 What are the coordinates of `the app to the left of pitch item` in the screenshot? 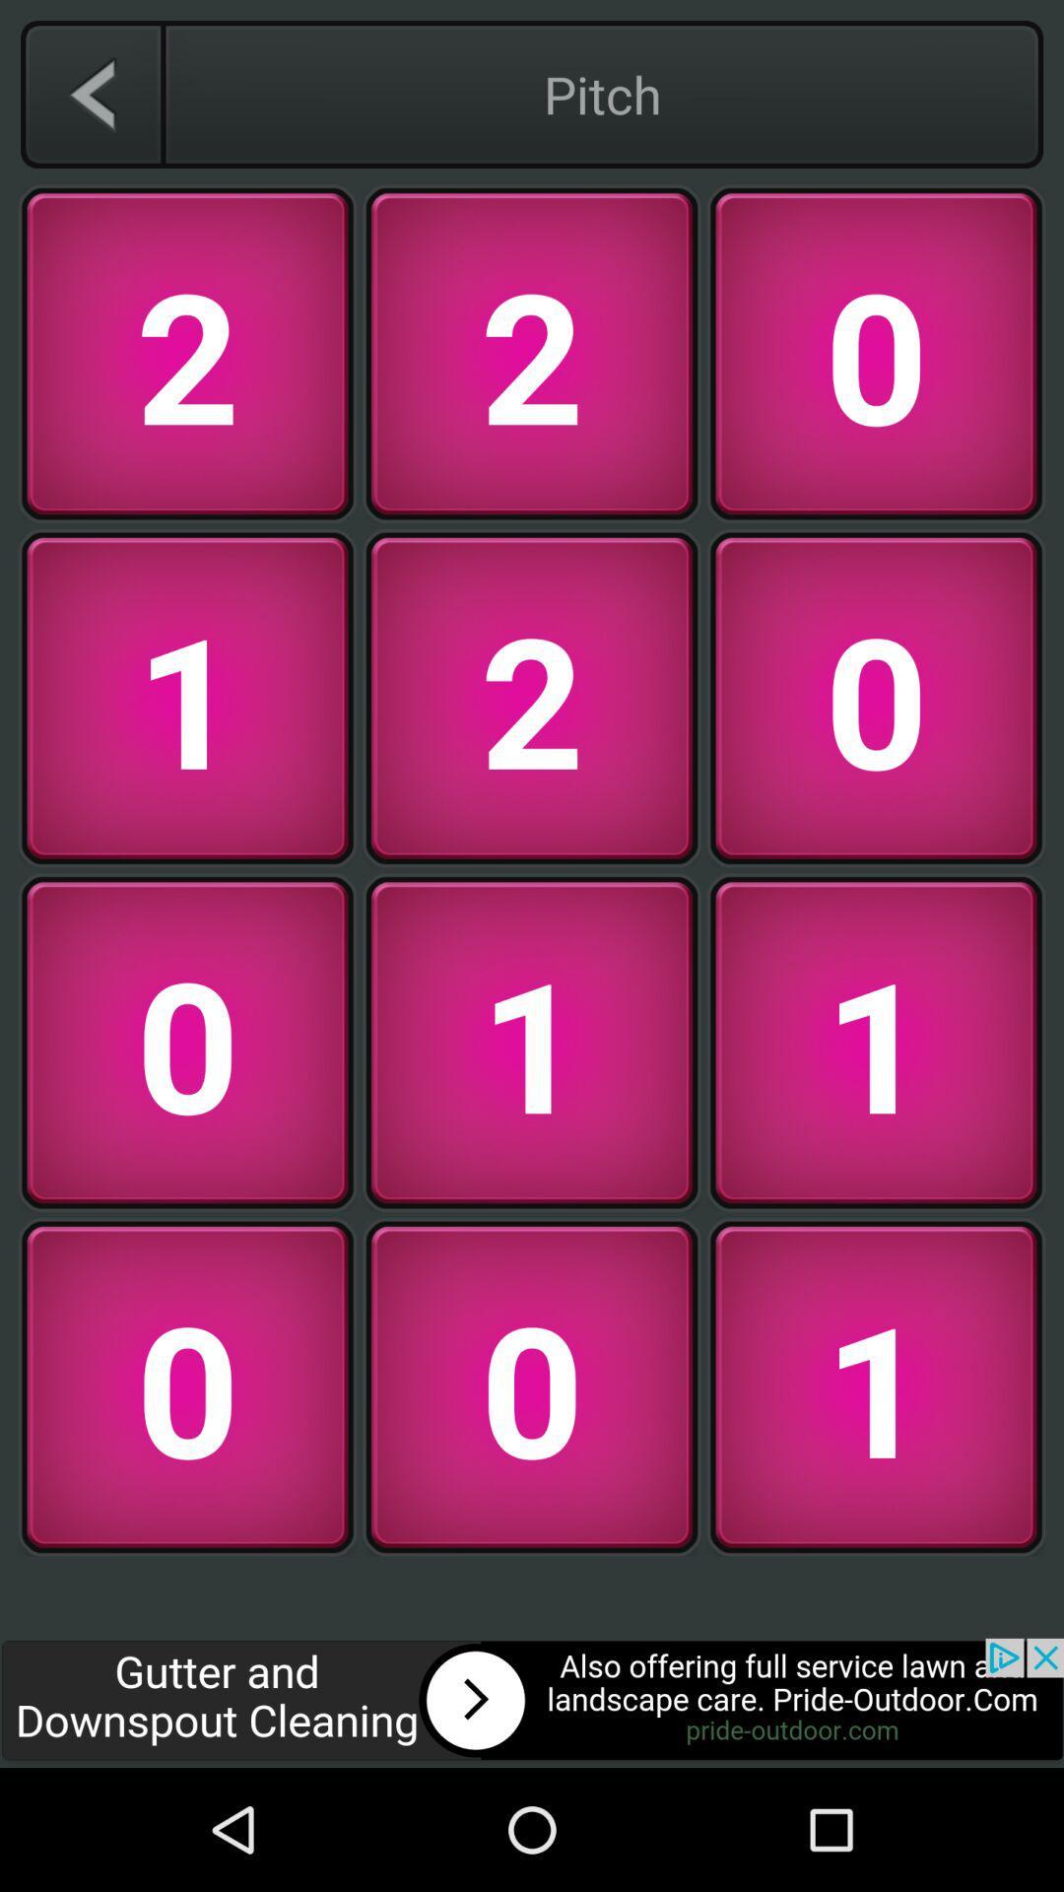 It's located at (92, 94).